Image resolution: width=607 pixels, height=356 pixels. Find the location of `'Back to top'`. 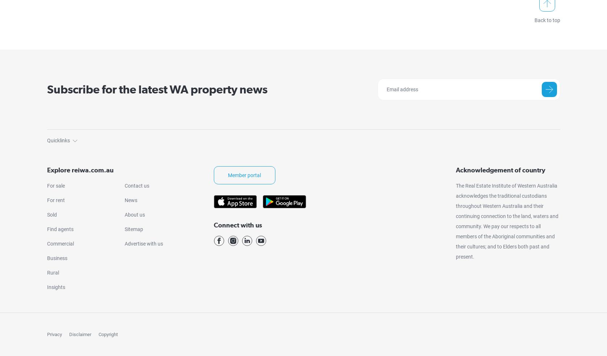

'Back to top' is located at coordinates (546, 20).